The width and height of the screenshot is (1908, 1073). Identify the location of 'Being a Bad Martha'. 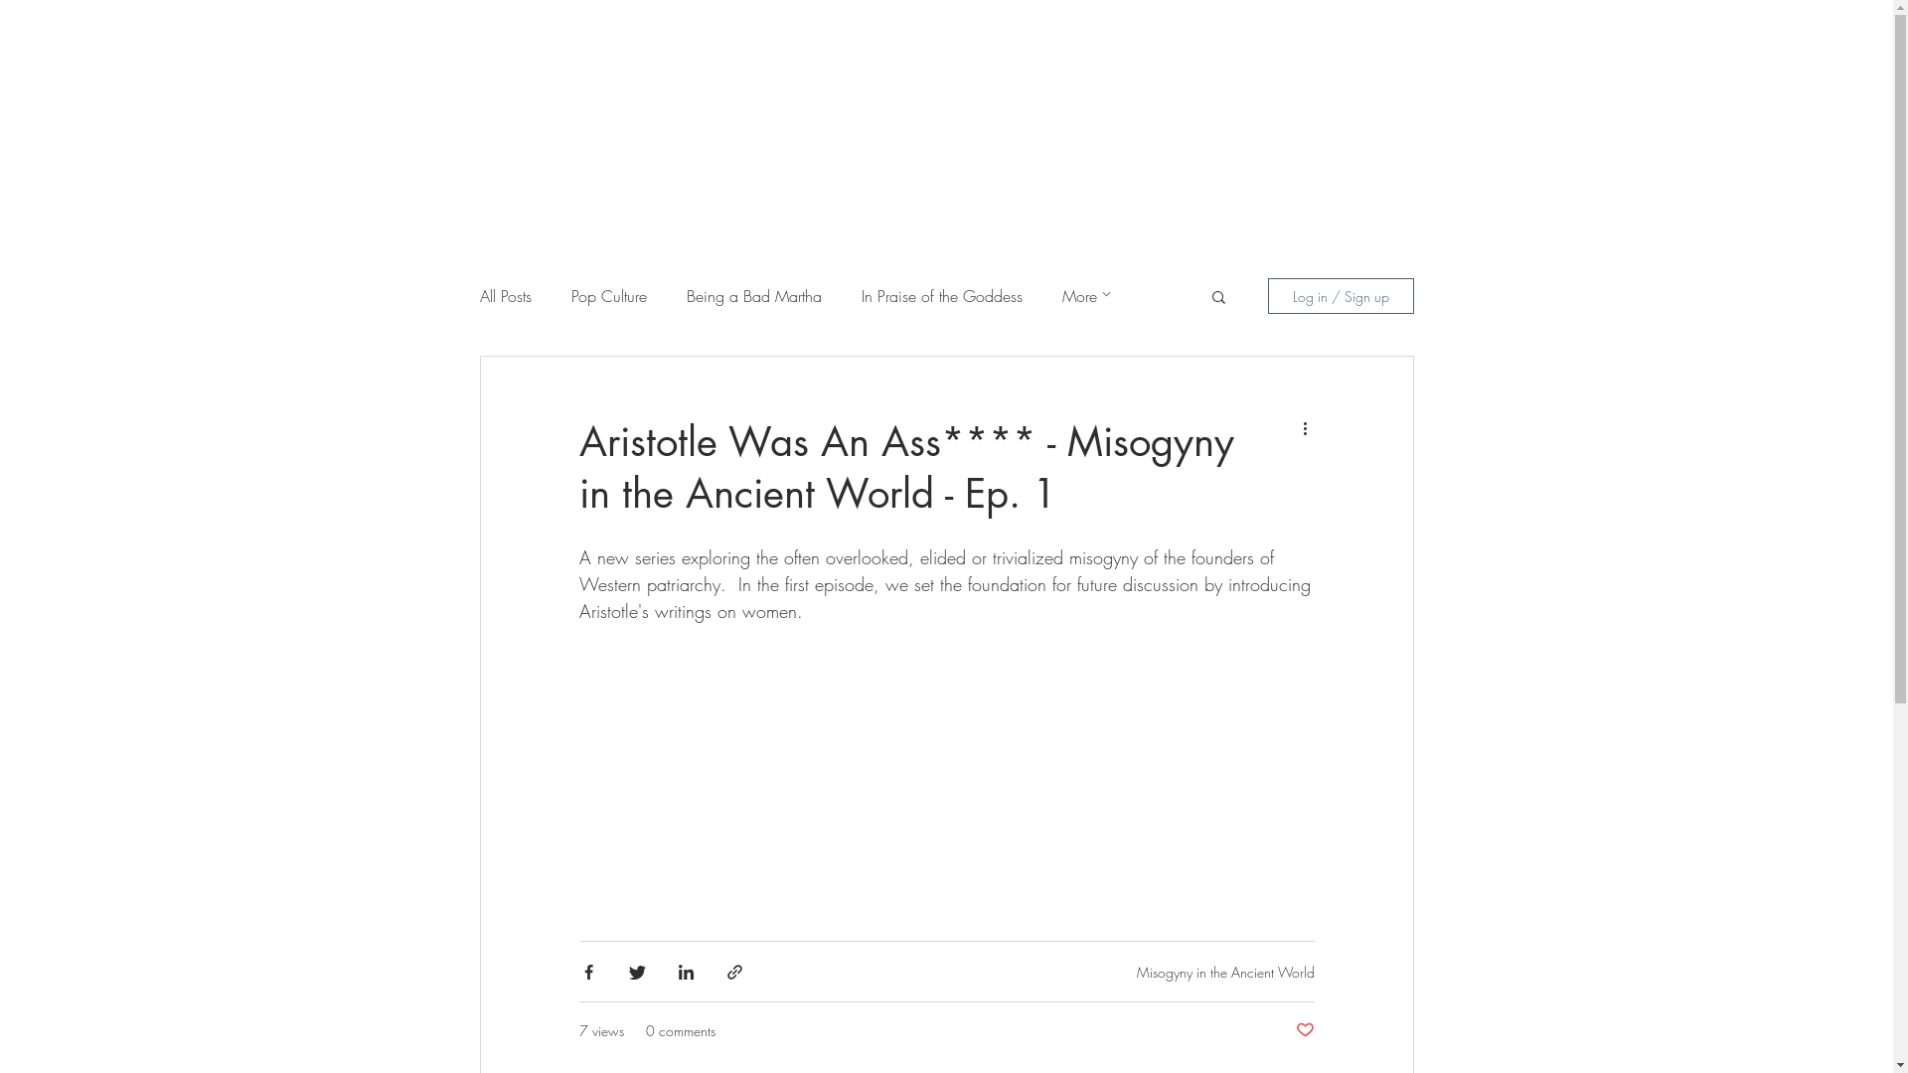
(752, 295).